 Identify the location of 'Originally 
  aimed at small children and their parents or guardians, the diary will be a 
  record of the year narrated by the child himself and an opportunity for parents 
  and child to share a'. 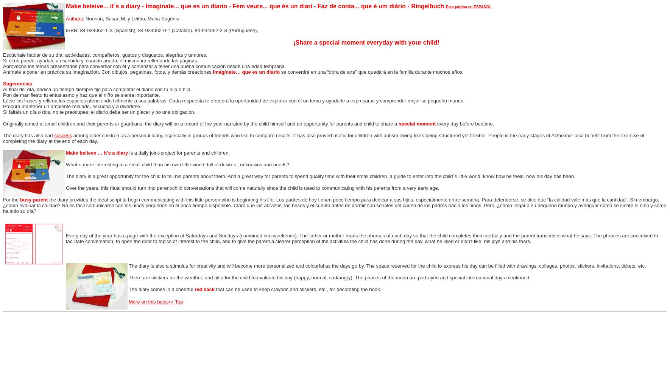
(200, 123).